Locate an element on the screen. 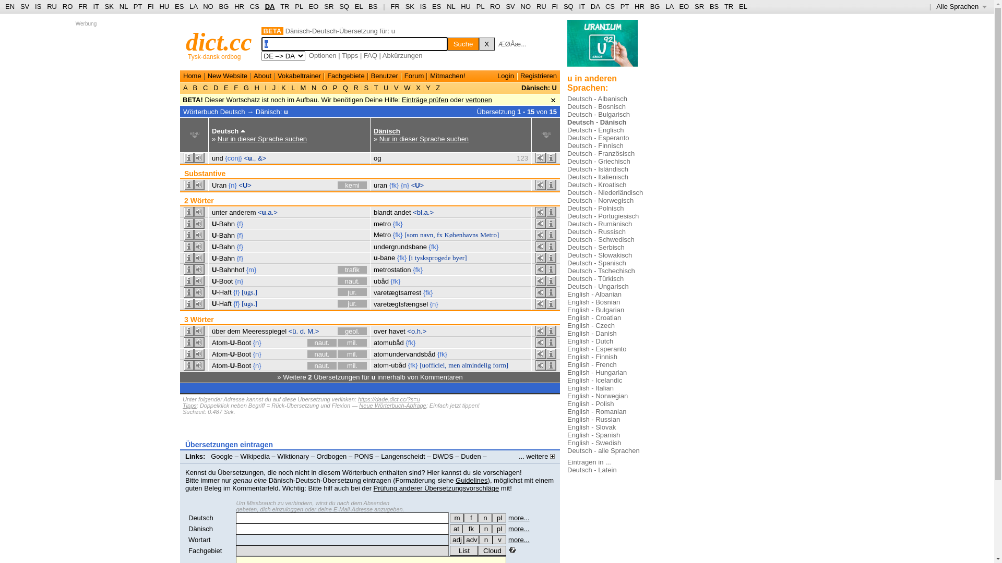 The image size is (1002, 563). 'jur.' is located at coordinates (352, 303).